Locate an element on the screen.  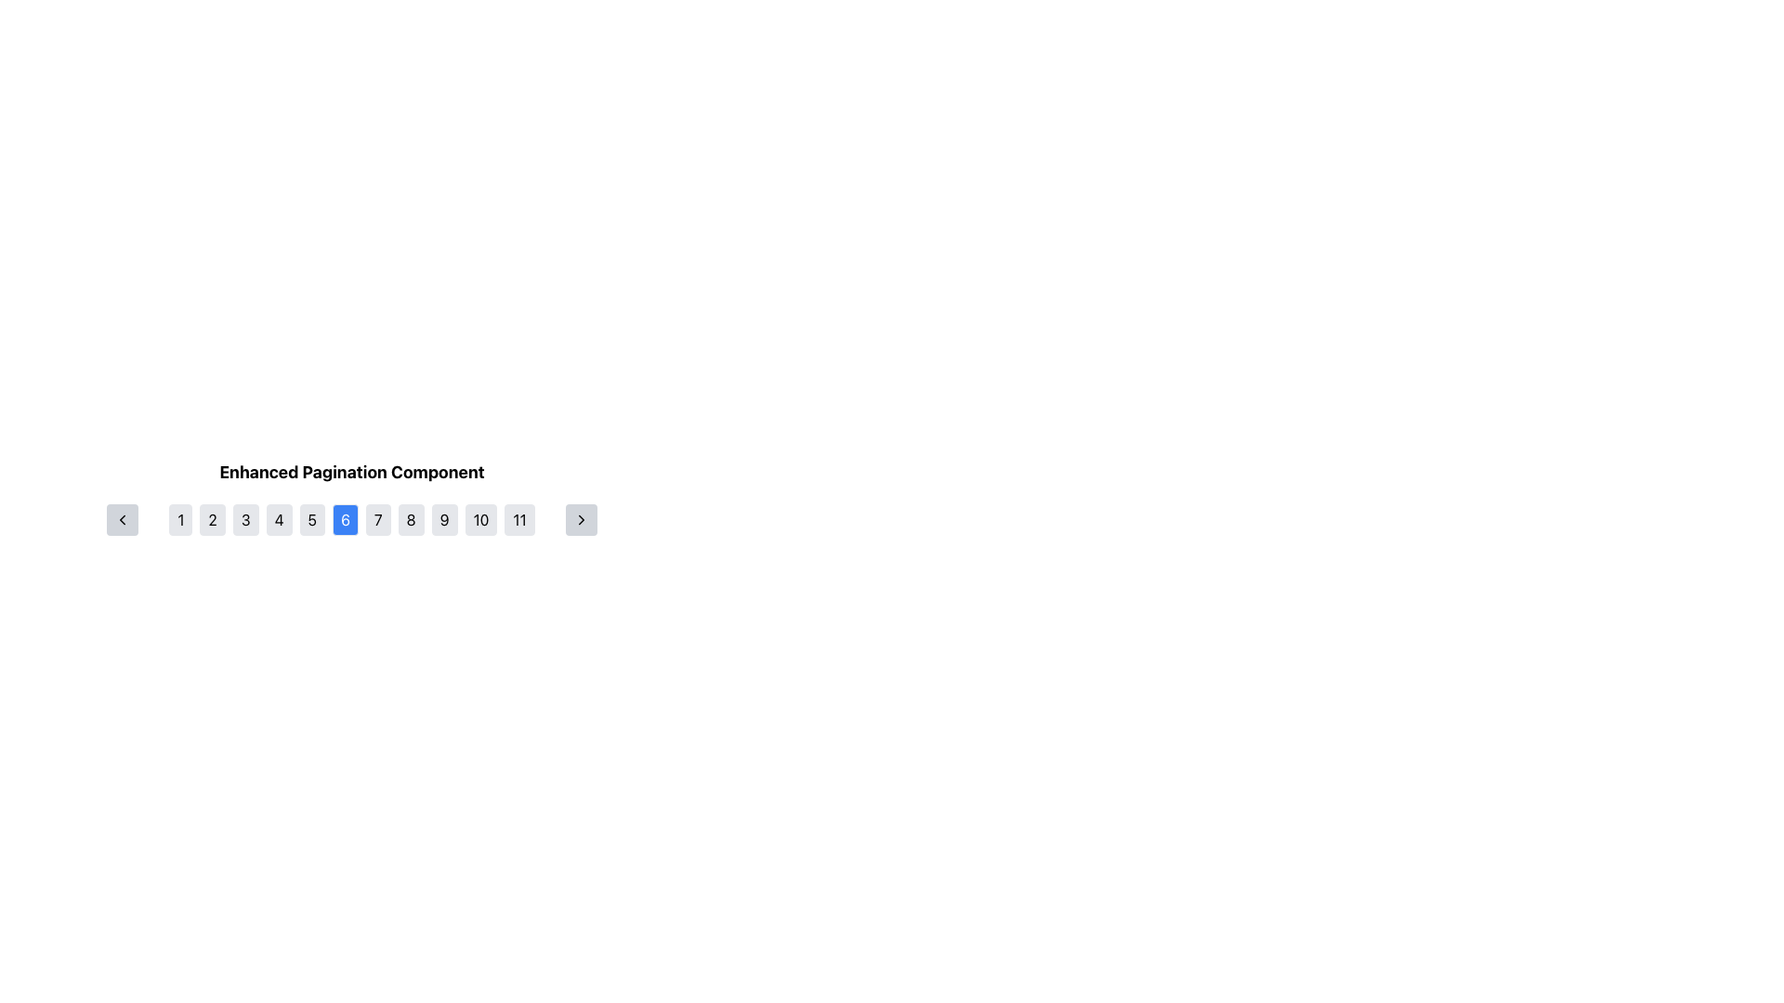
the pagination button labeled '4', which is a rectangular button with a rounded border and a light gray background is located at coordinates (278, 519).